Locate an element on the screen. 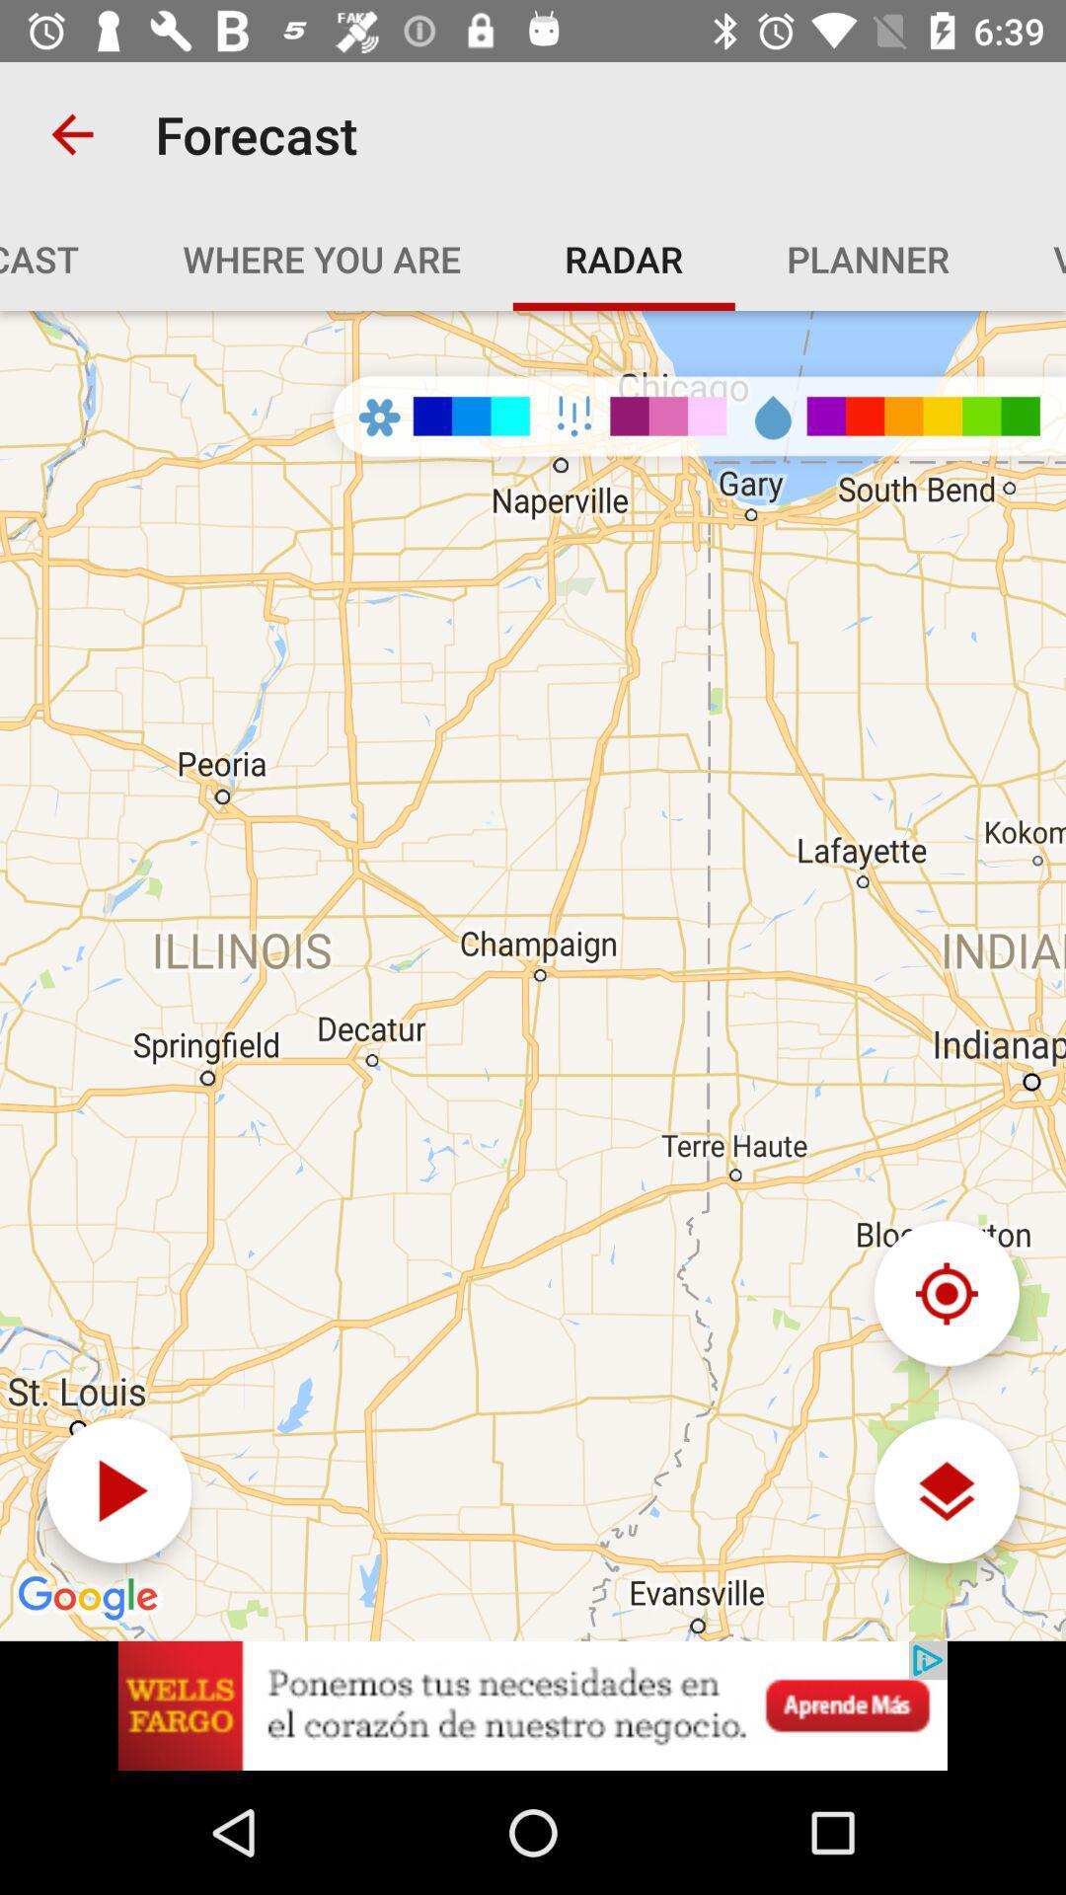  advertisement banner is located at coordinates (533, 1705).